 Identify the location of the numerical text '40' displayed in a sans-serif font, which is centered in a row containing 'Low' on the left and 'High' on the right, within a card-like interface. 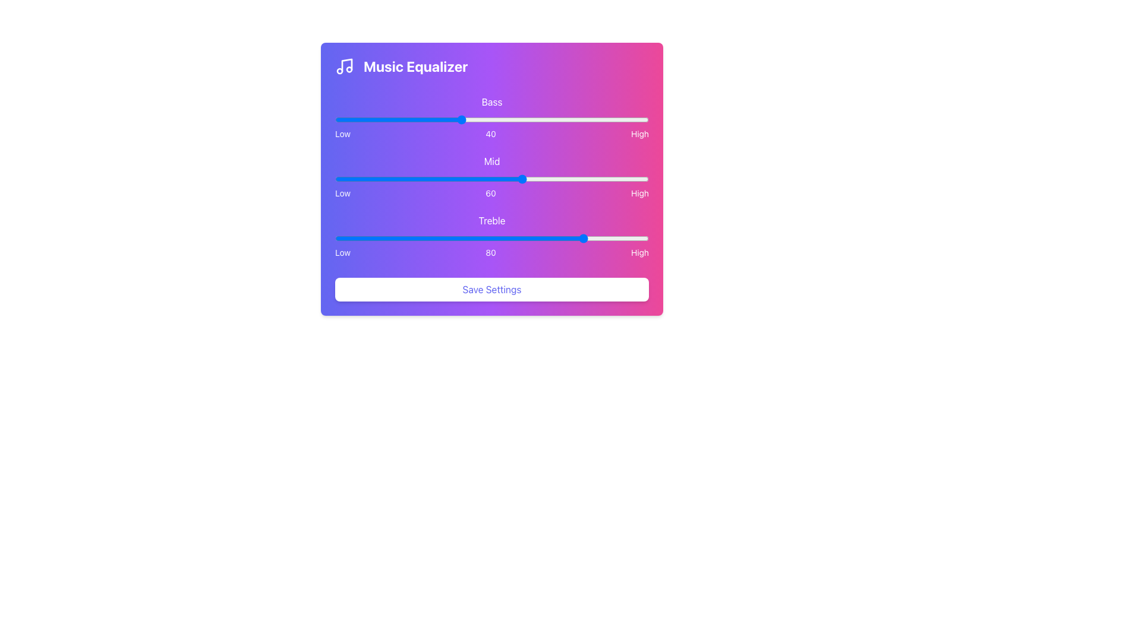
(490, 134).